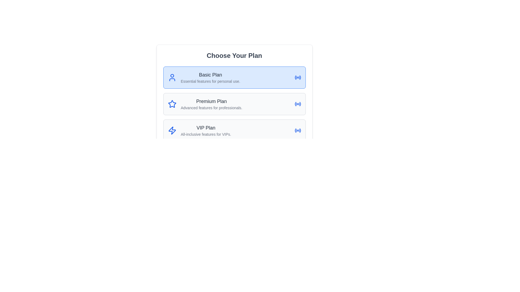 The width and height of the screenshot is (520, 292). I want to click on the text label titled 'VIP Plan', so click(206, 128).